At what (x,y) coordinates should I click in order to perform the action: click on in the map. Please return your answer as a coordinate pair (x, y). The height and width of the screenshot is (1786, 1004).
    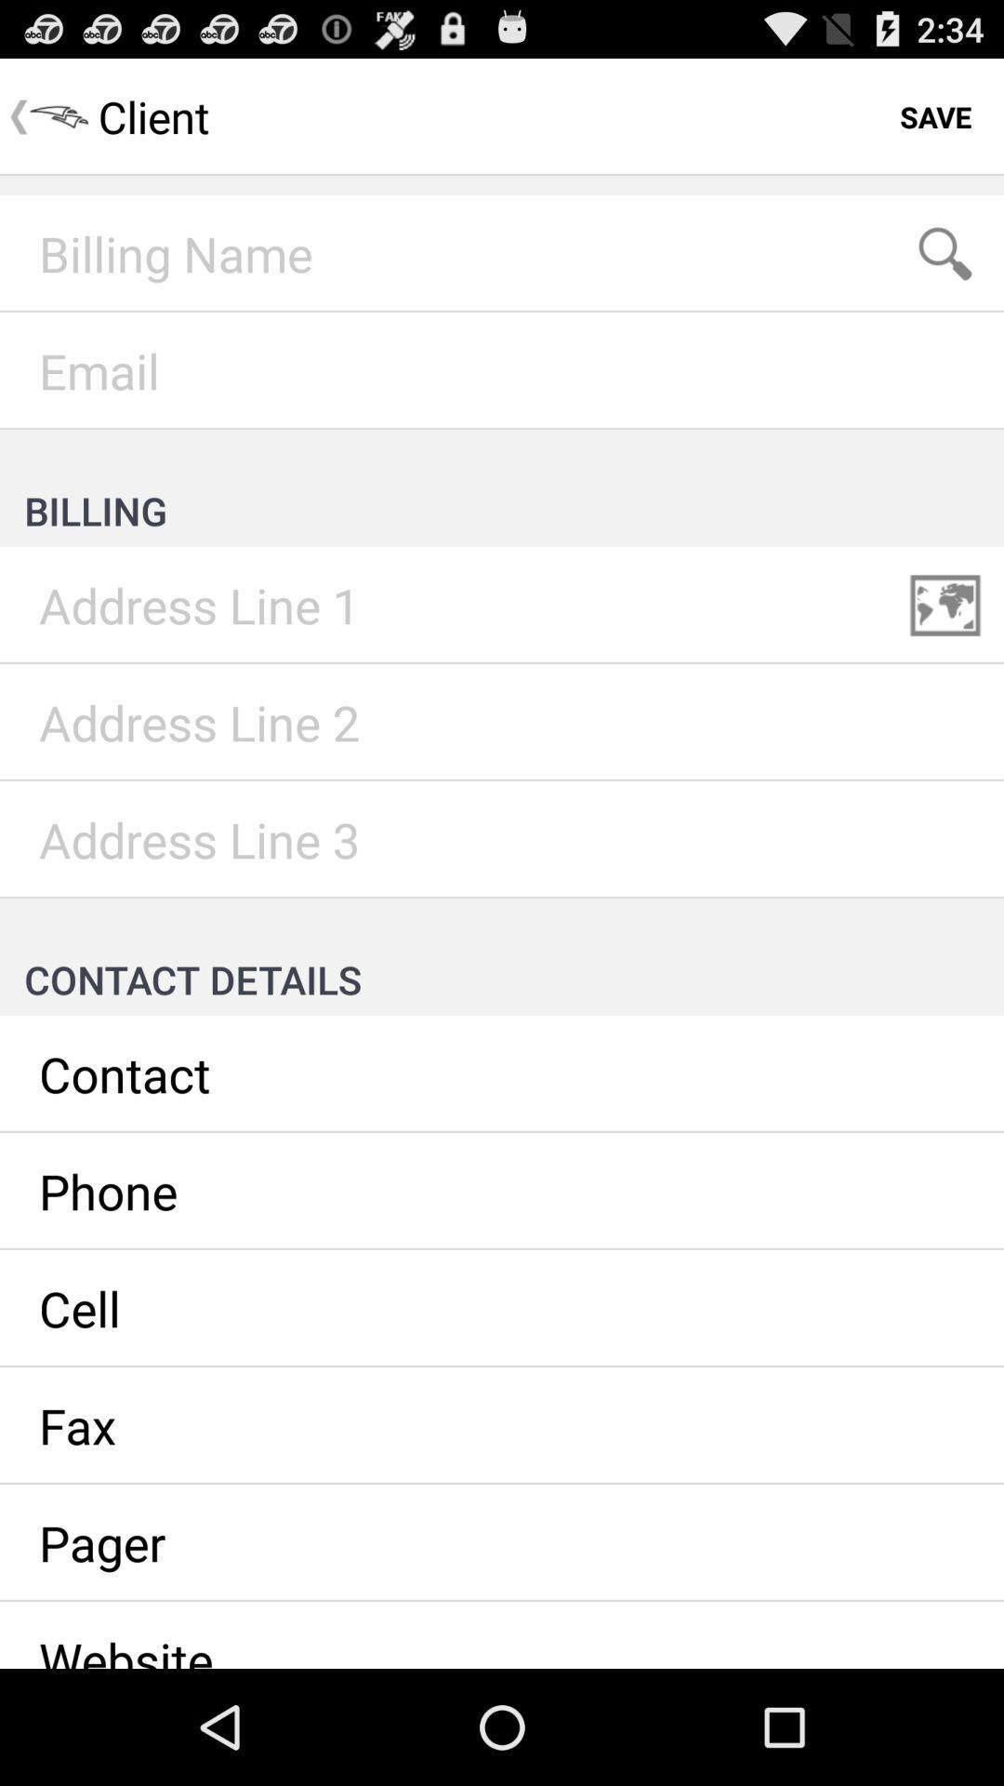
    Looking at the image, I should click on (945, 606).